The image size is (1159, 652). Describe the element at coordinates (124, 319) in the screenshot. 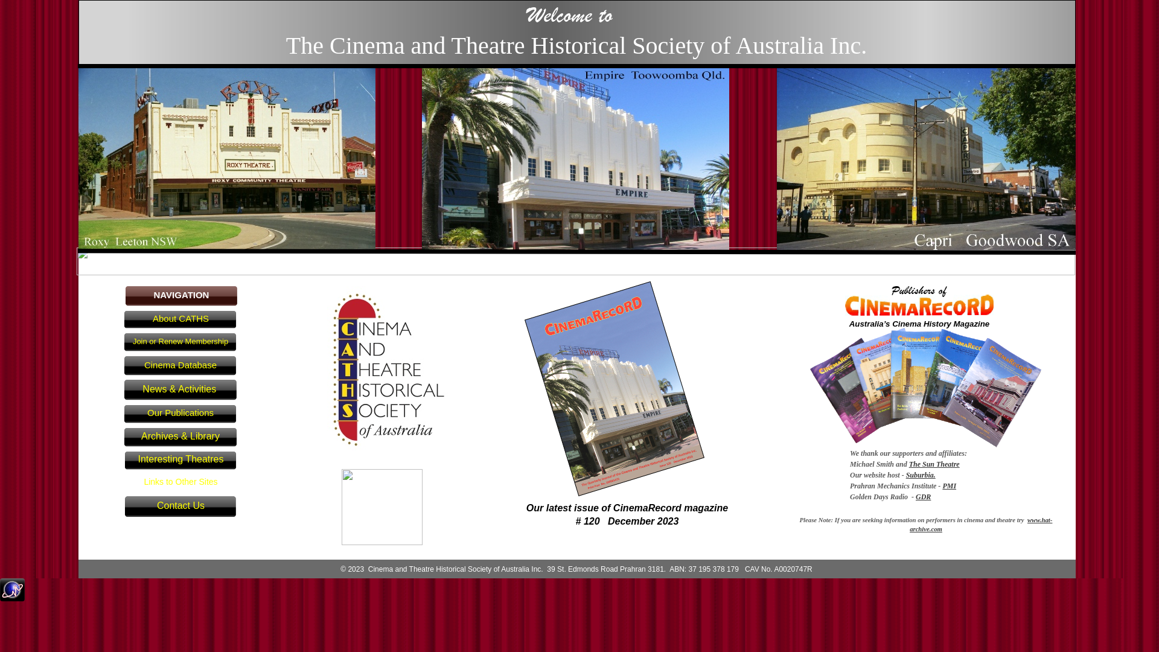

I see `'About CATHS'` at that location.